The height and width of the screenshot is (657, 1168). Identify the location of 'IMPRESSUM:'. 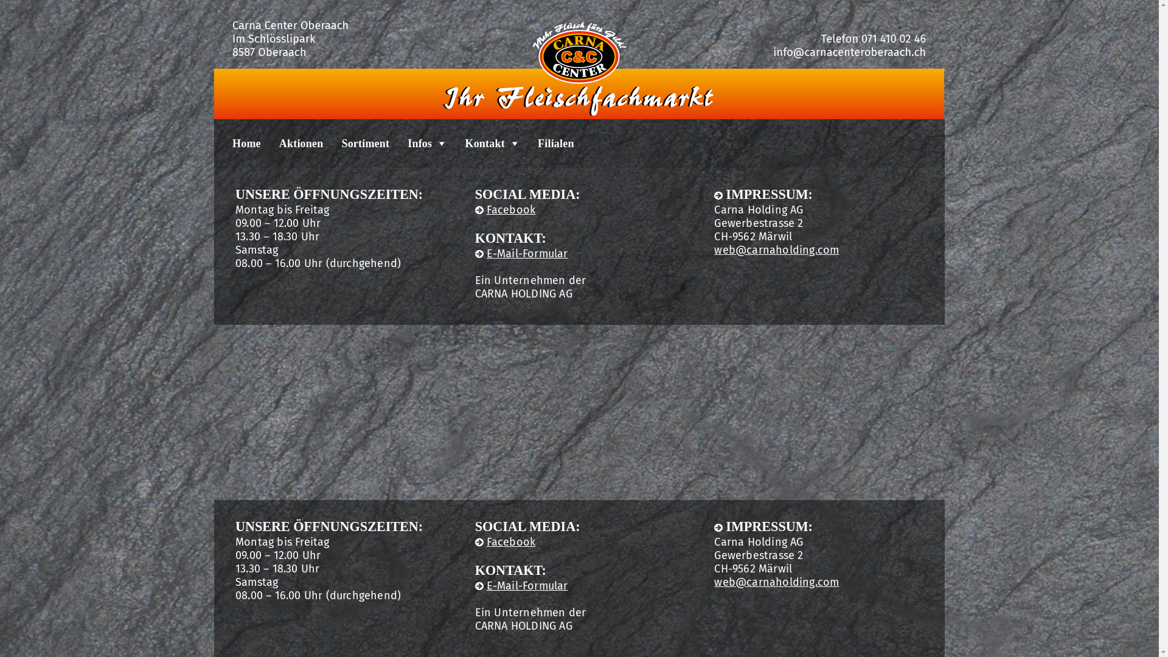
(762, 526).